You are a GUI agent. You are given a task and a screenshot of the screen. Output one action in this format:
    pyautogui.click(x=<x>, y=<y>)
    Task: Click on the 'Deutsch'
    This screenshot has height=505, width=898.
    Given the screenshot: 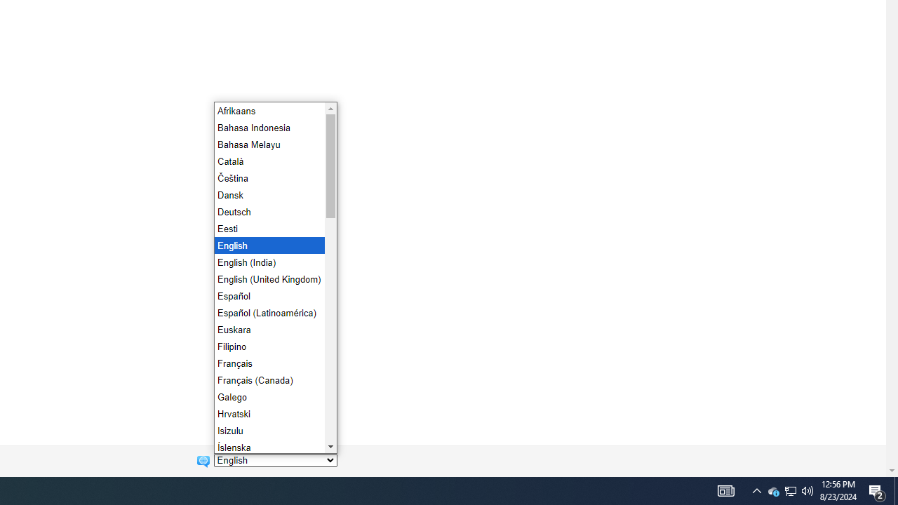 What is the action you would take?
    pyautogui.click(x=268, y=212)
    